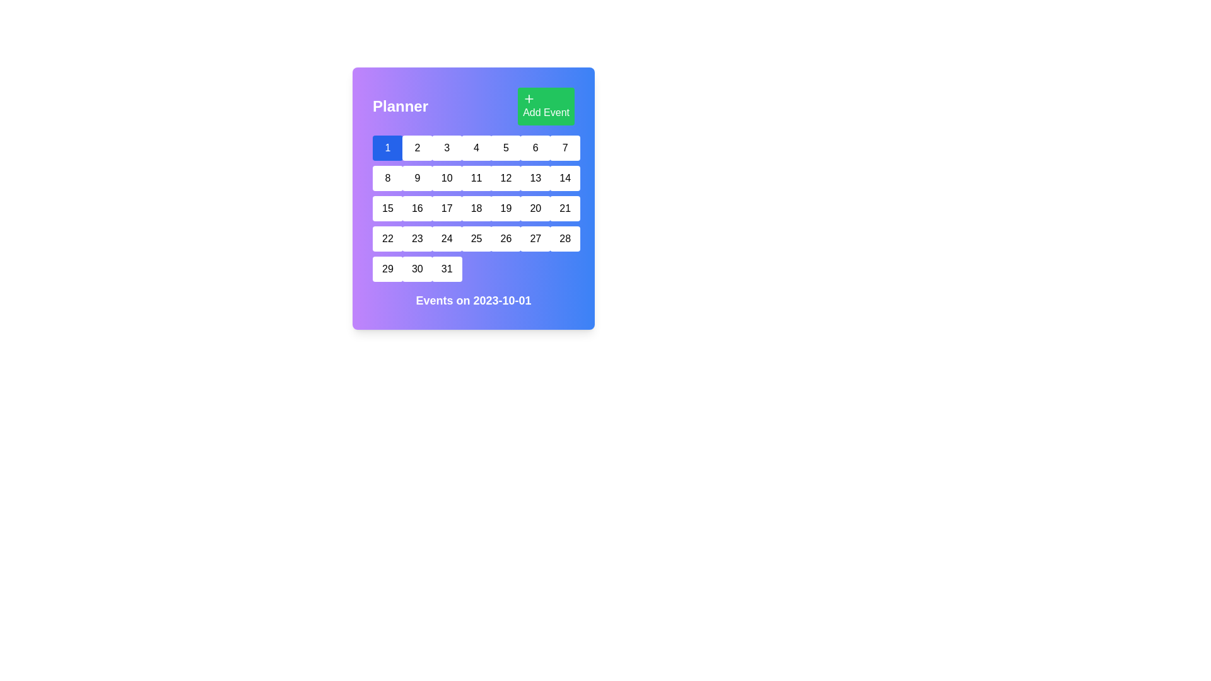  Describe the element at coordinates (506, 148) in the screenshot. I see `the button representing the 5th day of the month` at that location.